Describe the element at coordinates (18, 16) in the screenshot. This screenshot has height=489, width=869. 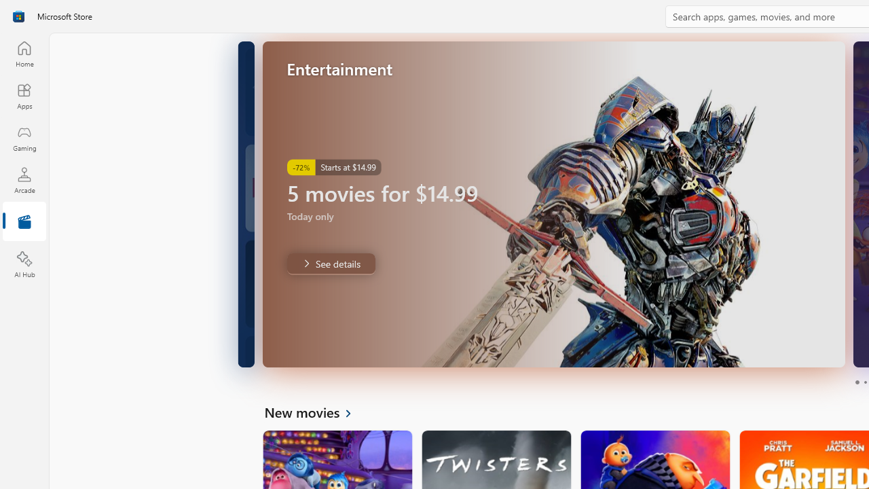
I see `'Class: Image'` at that location.